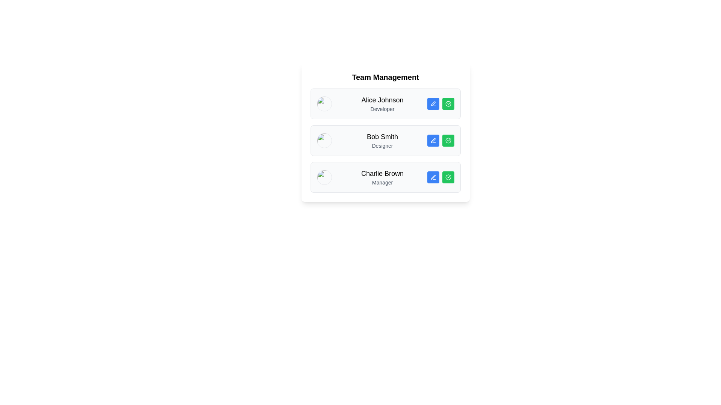 Image resolution: width=721 pixels, height=405 pixels. I want to click on the 'Team Management' header text element, which is bold and large, displayed in black at the top of a white card with rounded corners, so click(385, 77).